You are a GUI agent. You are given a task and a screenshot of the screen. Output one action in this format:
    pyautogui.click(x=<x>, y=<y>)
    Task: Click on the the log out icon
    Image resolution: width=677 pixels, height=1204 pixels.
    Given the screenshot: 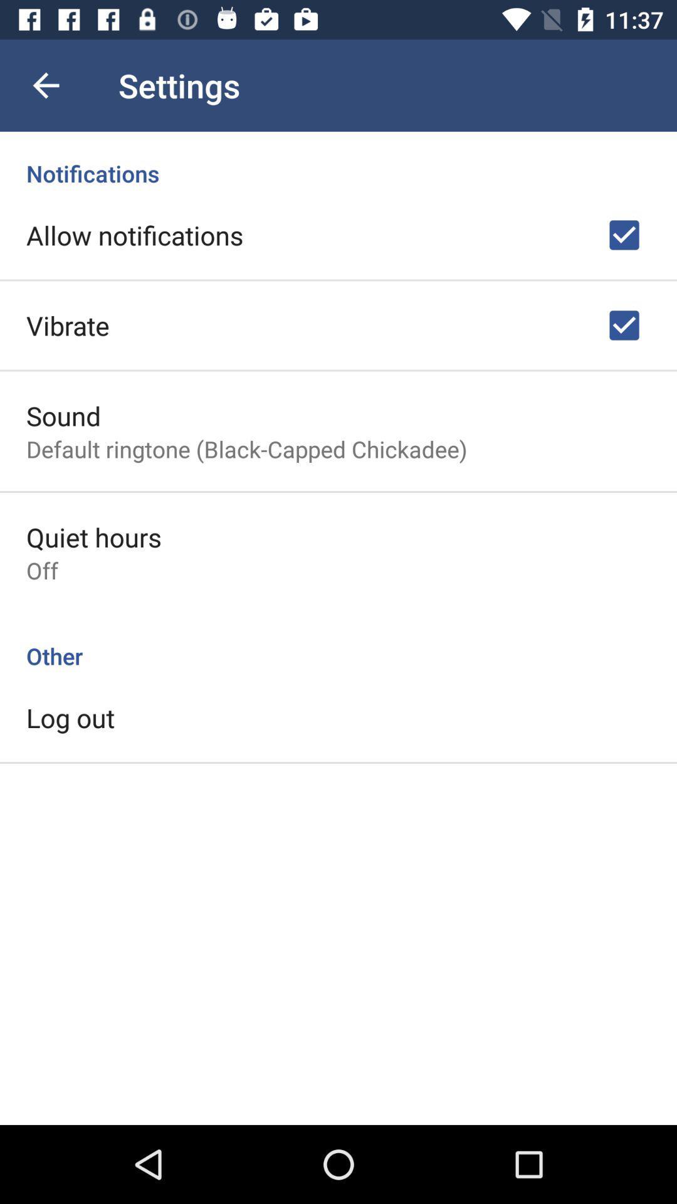 What is the action you would take?
    pyautogui.click(x=70, y=717)
    